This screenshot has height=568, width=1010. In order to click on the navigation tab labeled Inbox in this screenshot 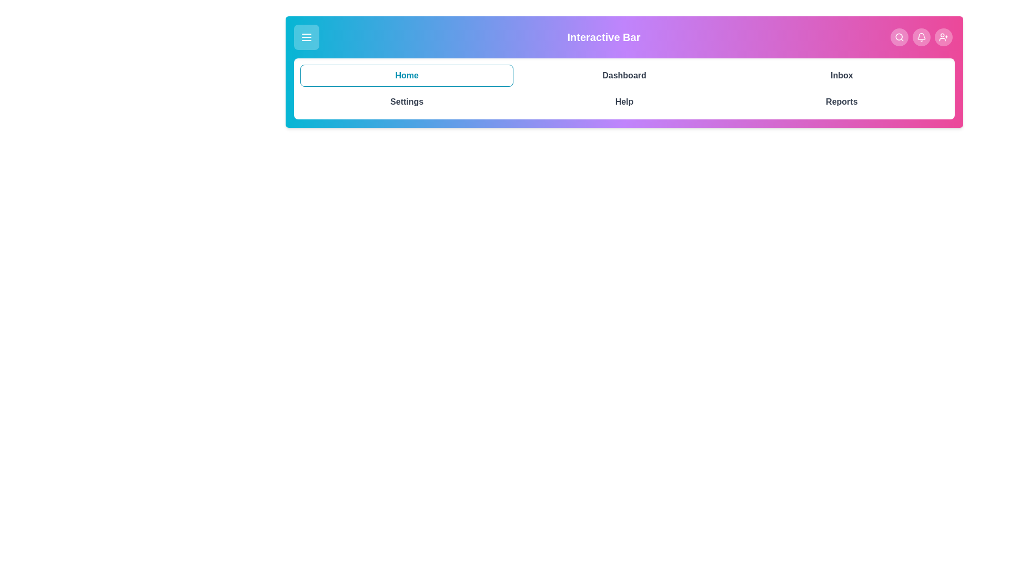, I will do `click(842, 75)`.